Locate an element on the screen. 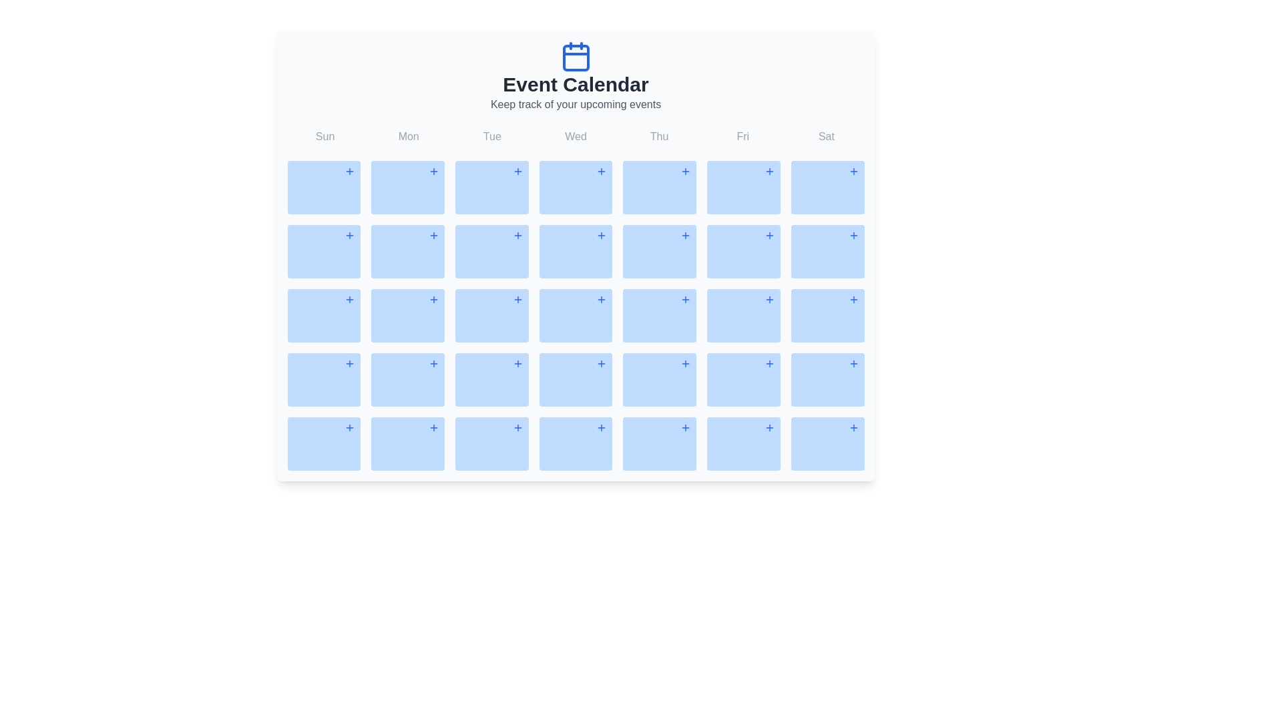 The width and height of the screenshot is (1282, 721). the '+' button located in the top-right corner of the light blue rectangle in the grid layout to initiate an action is located at coordinates (601, 427).